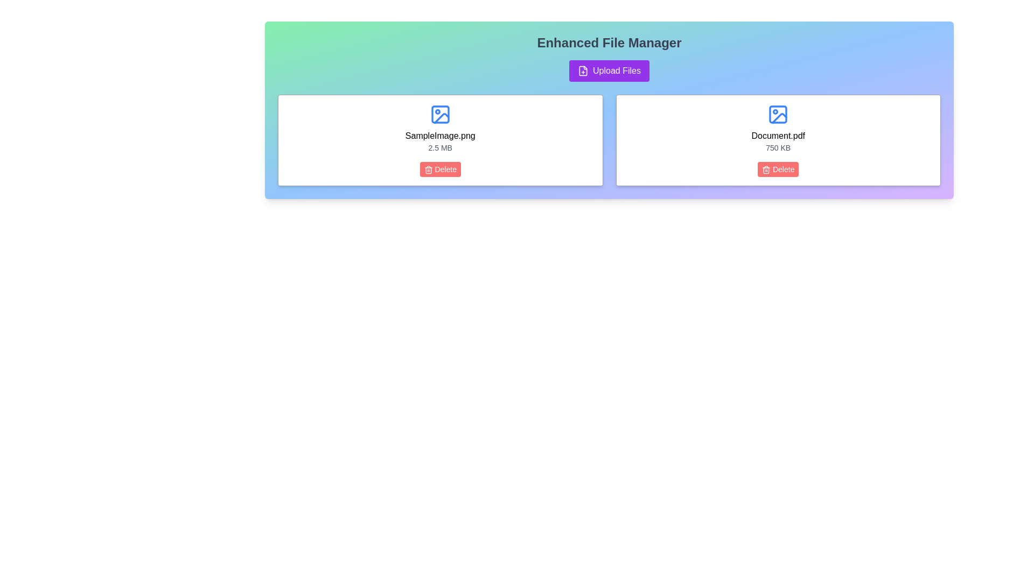  Describe the element at coordinates (609, 70) in the screenshot. I see `the upload button located below the 'Enhanced File Manager' title to initiate the file upload dialog` at that location.